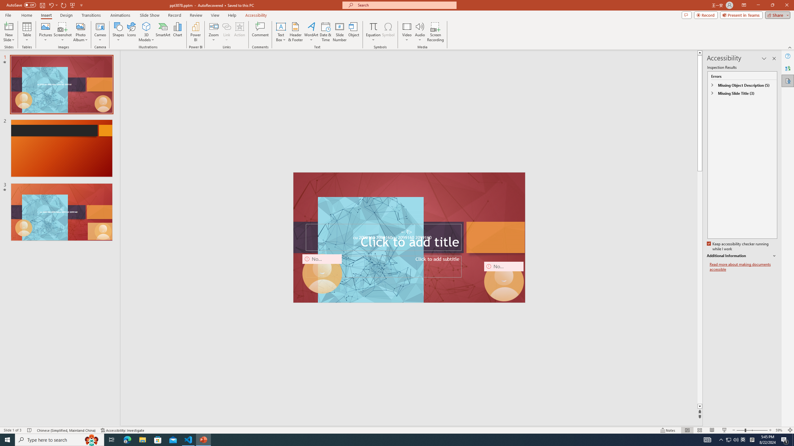 The height and width of the screenshot is (446, 794). What do you see at coordinates (780, 430) in the screenshot?
I see `'Zoom 59%'` at bounding box center [780, 430].